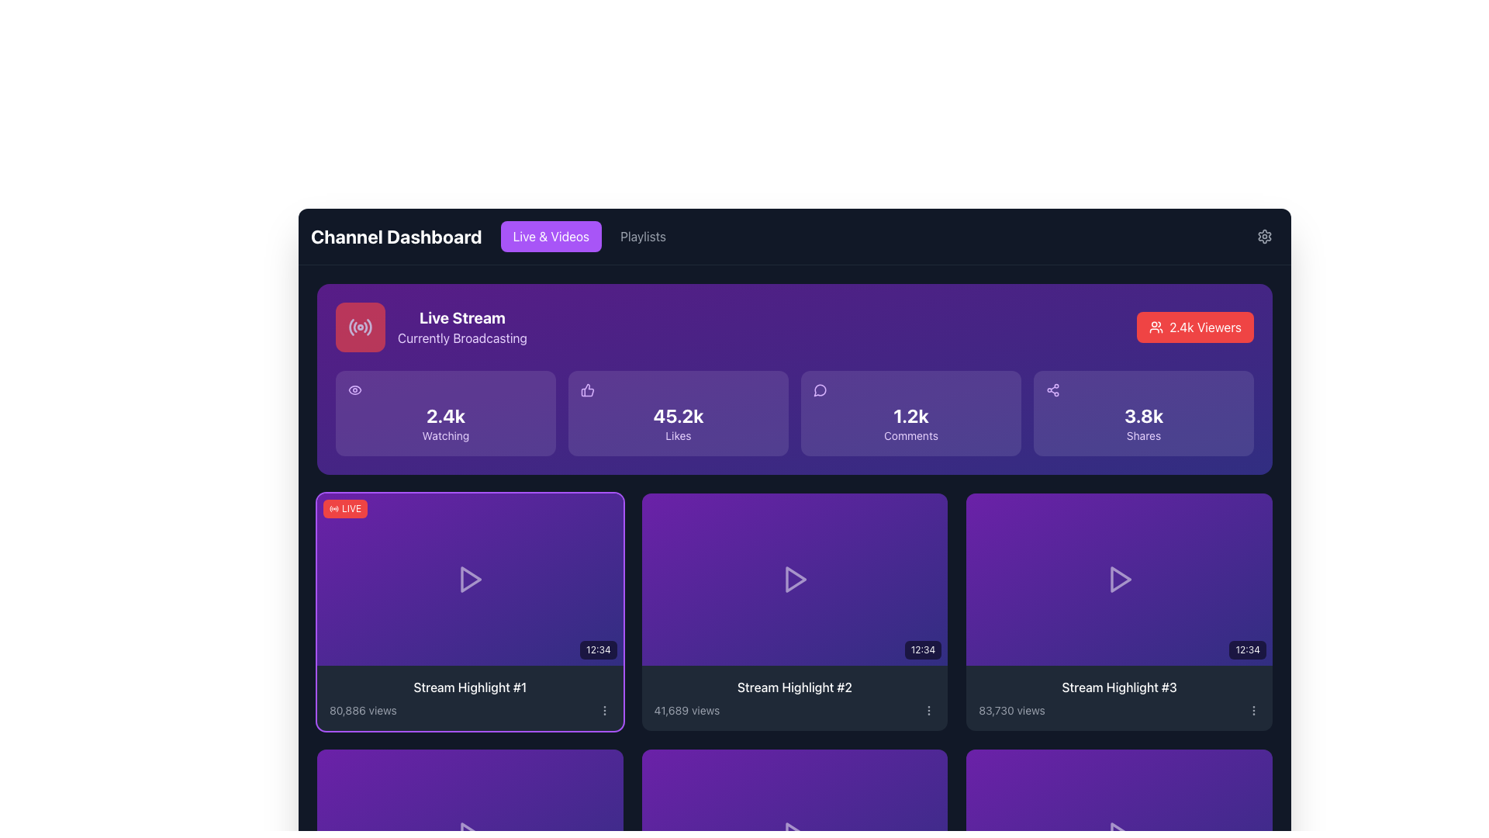 Image resolution: width=1489 pixels, height=838 pixels. I want to click on the Statistic card with a purple background displaying '3.8k Shares', which is the fourth card in the grid layout, adjacent to '1.2k Comments', so click(1143, 412).